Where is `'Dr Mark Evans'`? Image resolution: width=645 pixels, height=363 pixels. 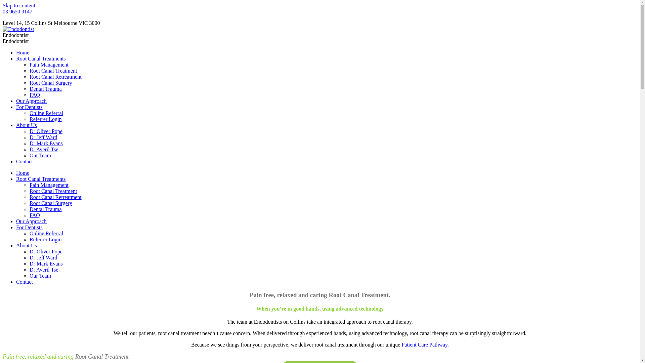 'Dr Mark Evans' is located at coordinates (46, 143).